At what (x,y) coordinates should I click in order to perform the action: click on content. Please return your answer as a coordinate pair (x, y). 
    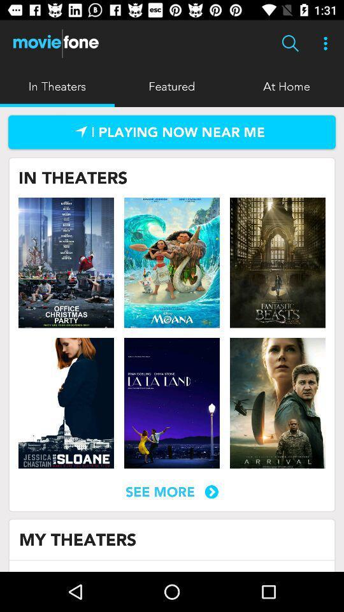
    Looking at the image, I should click on (172, 262).